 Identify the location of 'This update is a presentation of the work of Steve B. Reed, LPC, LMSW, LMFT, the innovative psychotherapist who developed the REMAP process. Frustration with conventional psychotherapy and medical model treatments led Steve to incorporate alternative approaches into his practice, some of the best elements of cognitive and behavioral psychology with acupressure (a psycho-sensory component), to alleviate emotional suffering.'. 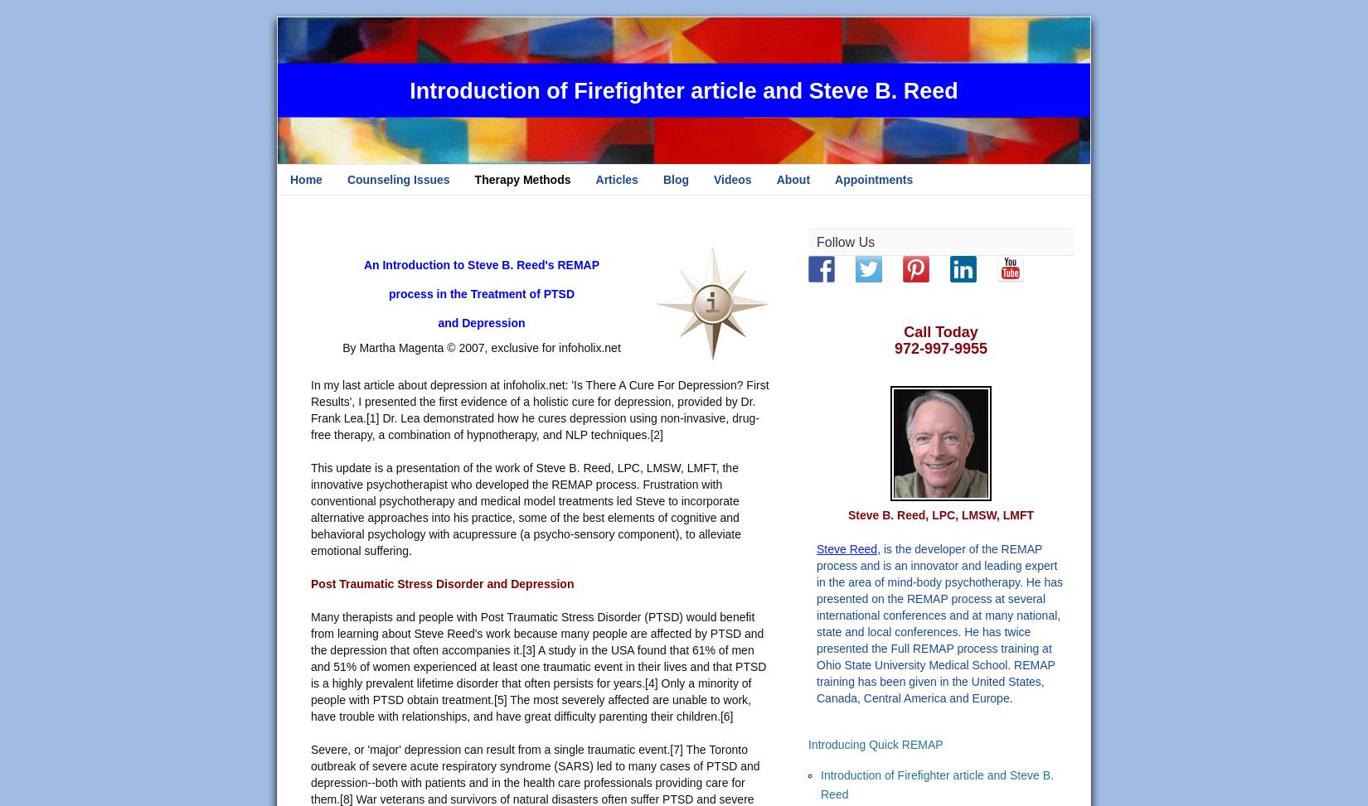
(525, 509).